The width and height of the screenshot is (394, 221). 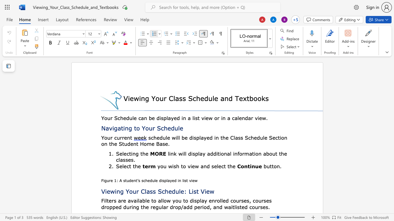 What do you see at coordinates (135, 166) in the screenshot?
I see `the space between the continuous character "t" and "h" in the text` at bounding box center [135, 166].